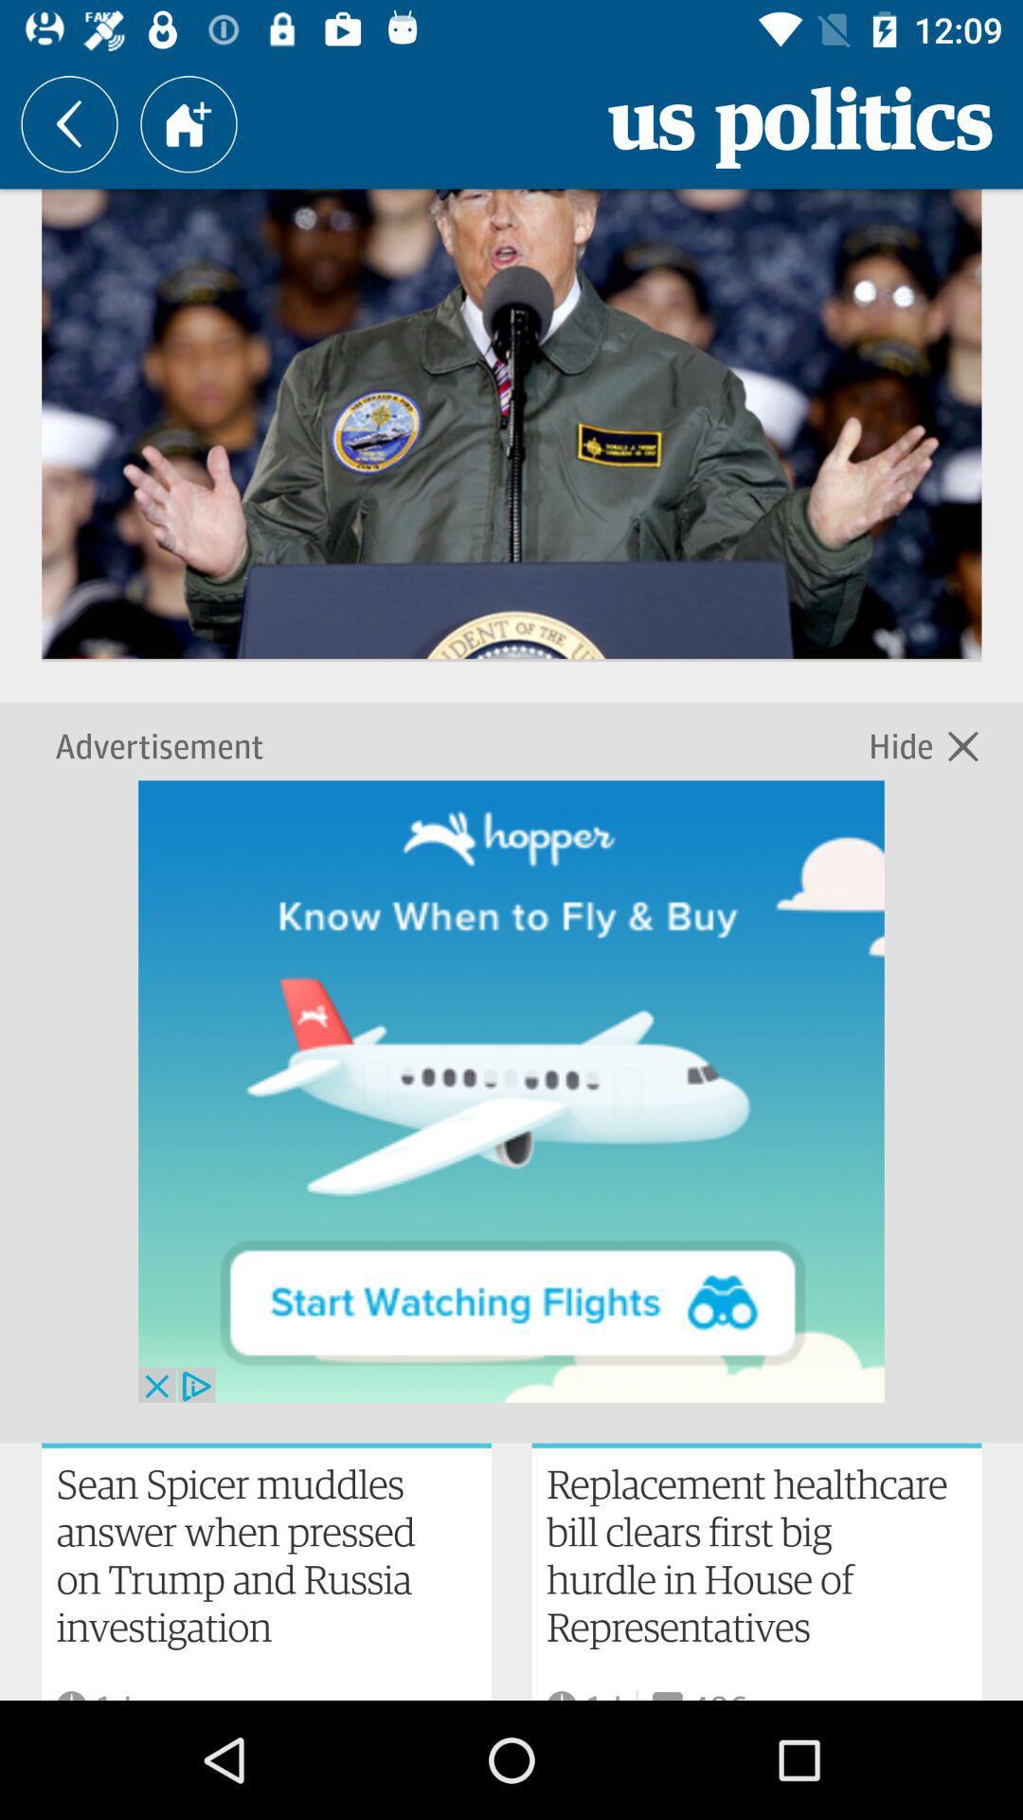 The height and width of the screenshot is (1820, 1023). What do you see at coordinates (188, 123) in the screenshot?
I see `home icon which is right side of back option` at bounding box center [188, 123].